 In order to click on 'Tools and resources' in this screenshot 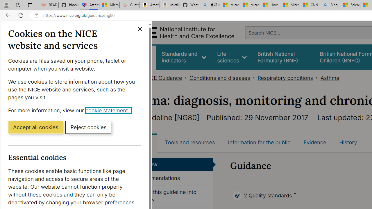, I will do `click(190, 143)`.